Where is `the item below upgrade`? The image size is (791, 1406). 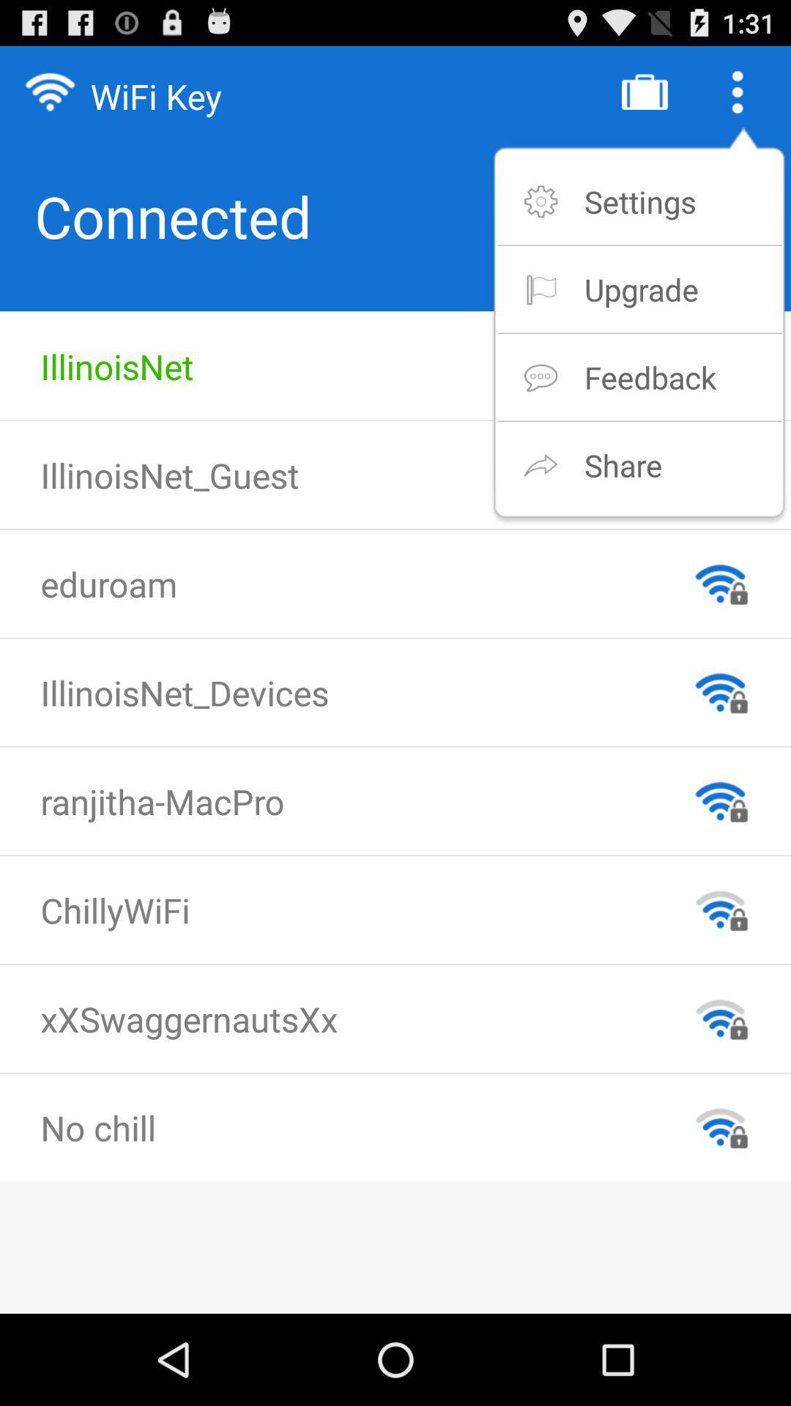
the item below upgrade is located at coordinates (649, 377).